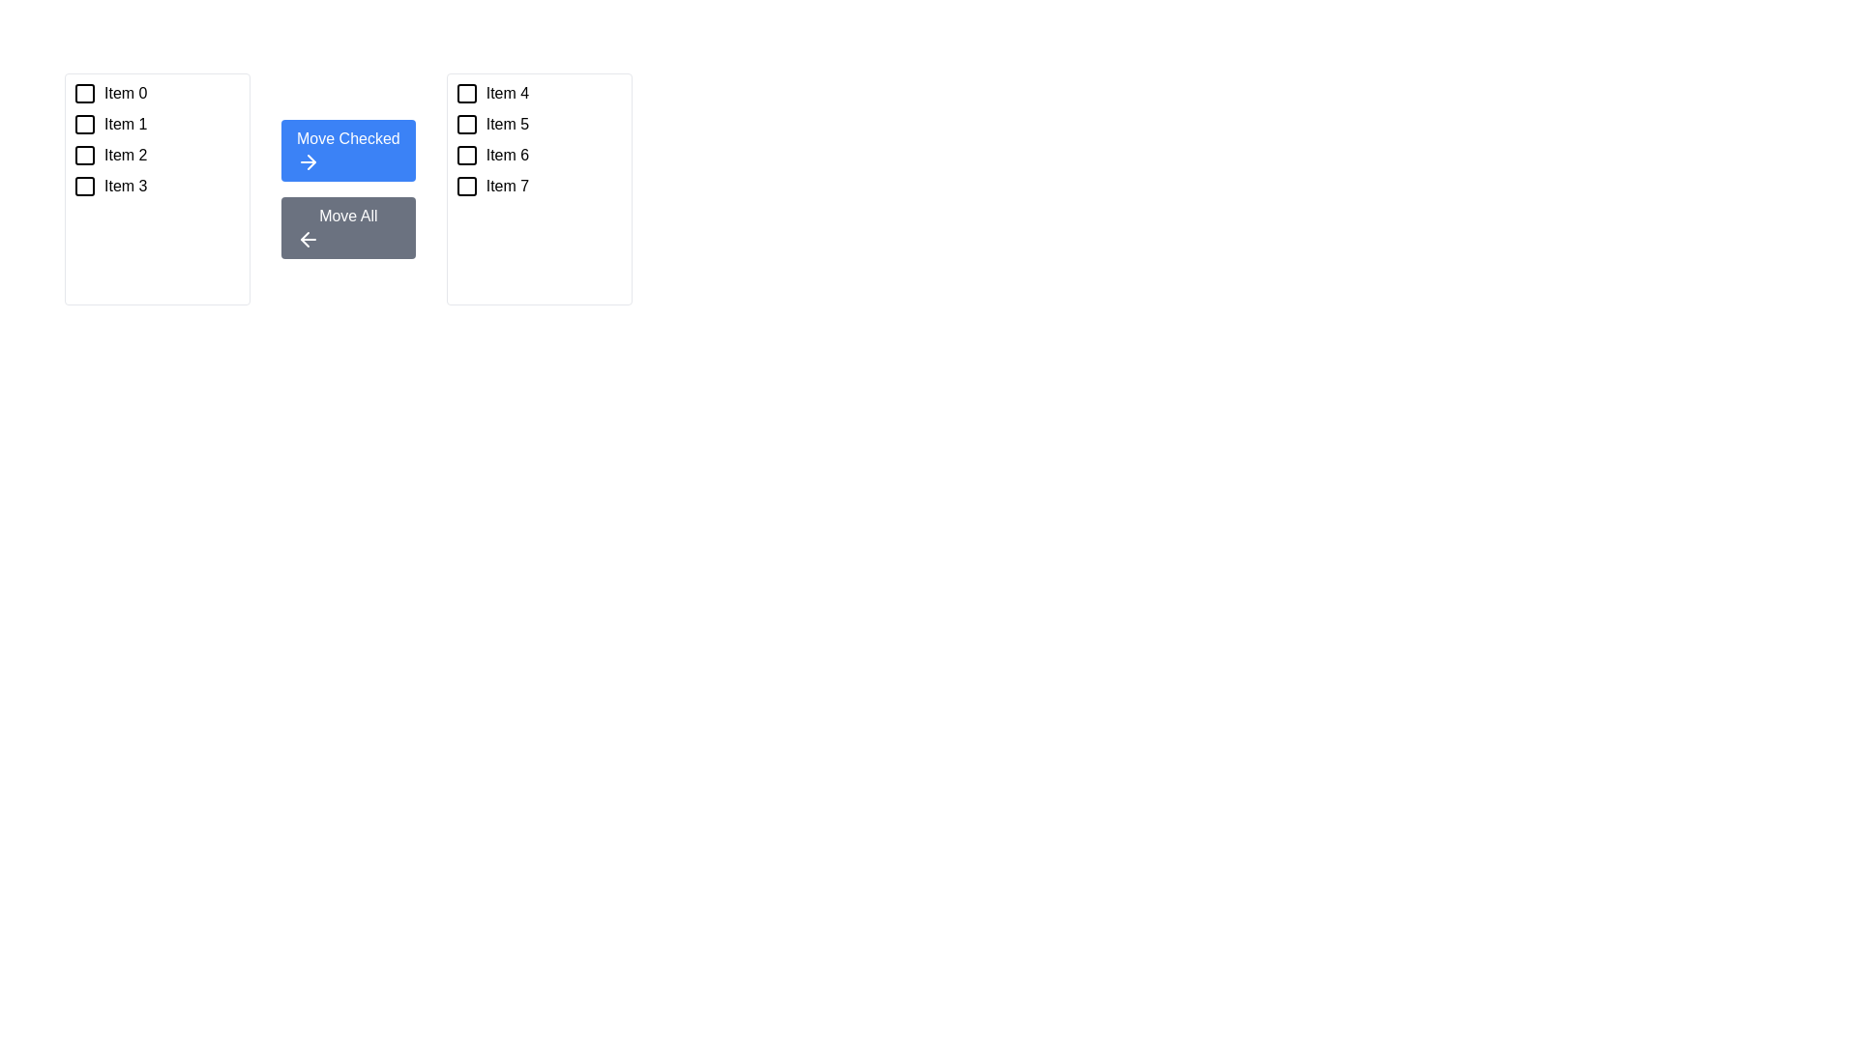  Describe the element at coordinates (307, 161) in the screenshot. I see `the icon located at the center of the blue button labeled 'Move Checked', which emphasizes the action of moving items to the right` at that location.